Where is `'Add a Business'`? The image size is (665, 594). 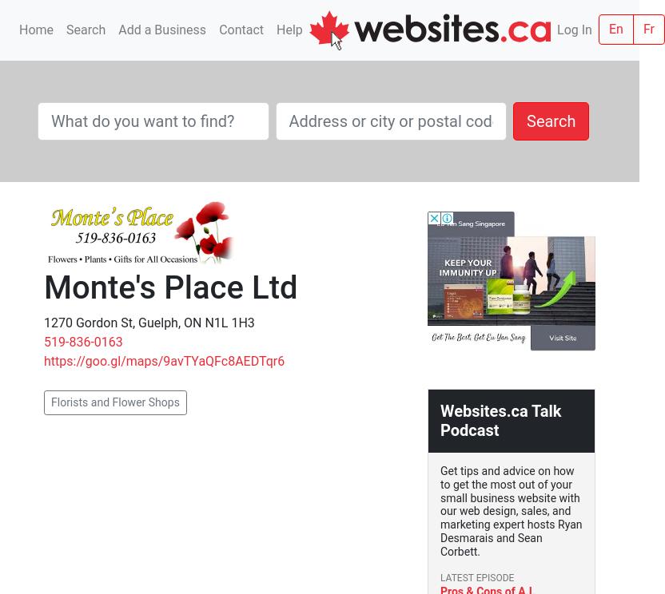 'Add a Business' is located at coordinates (161, 29).